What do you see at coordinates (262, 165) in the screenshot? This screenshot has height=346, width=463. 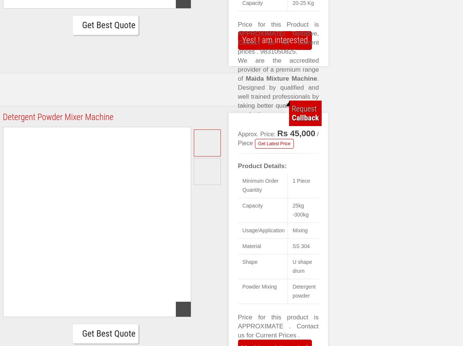 I see `'Product Details:'` at bounding box center [262, 165].